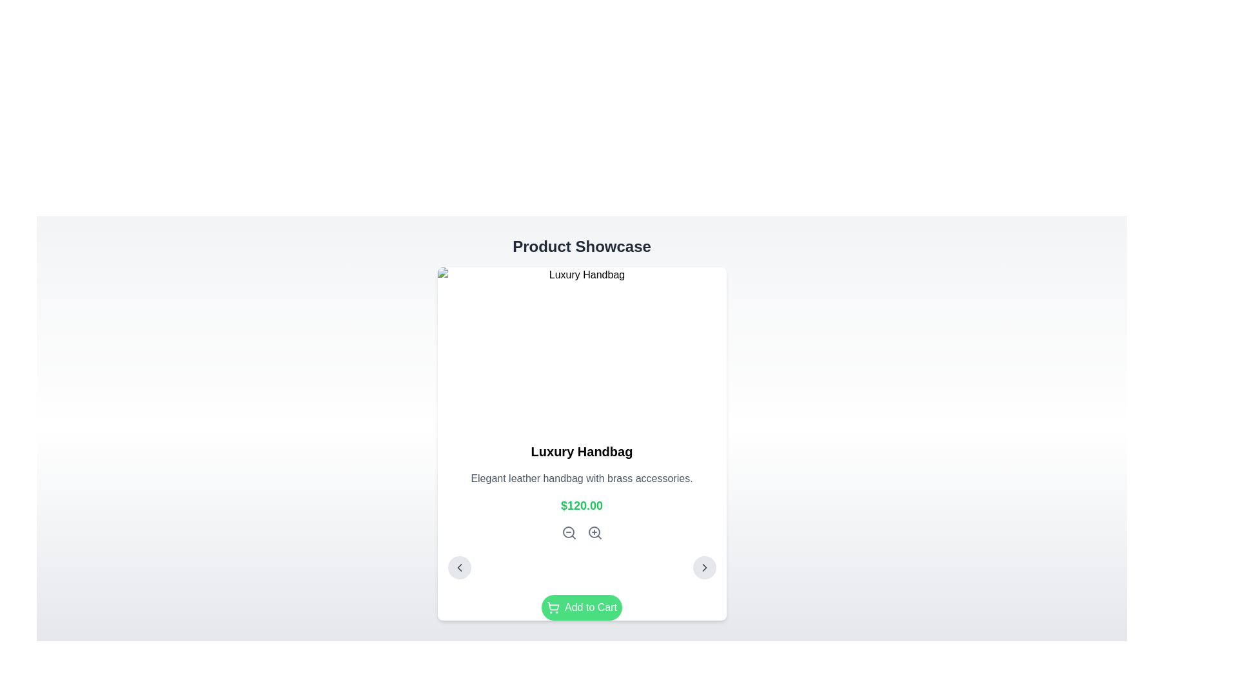 This screenshot has width=1238, height=696. Describe the element at coordinates (553, 607) in the screenshot. I see `the shopping cart icon located within the green 'Add to Cart' button at the bottom center of the interface` at that location.